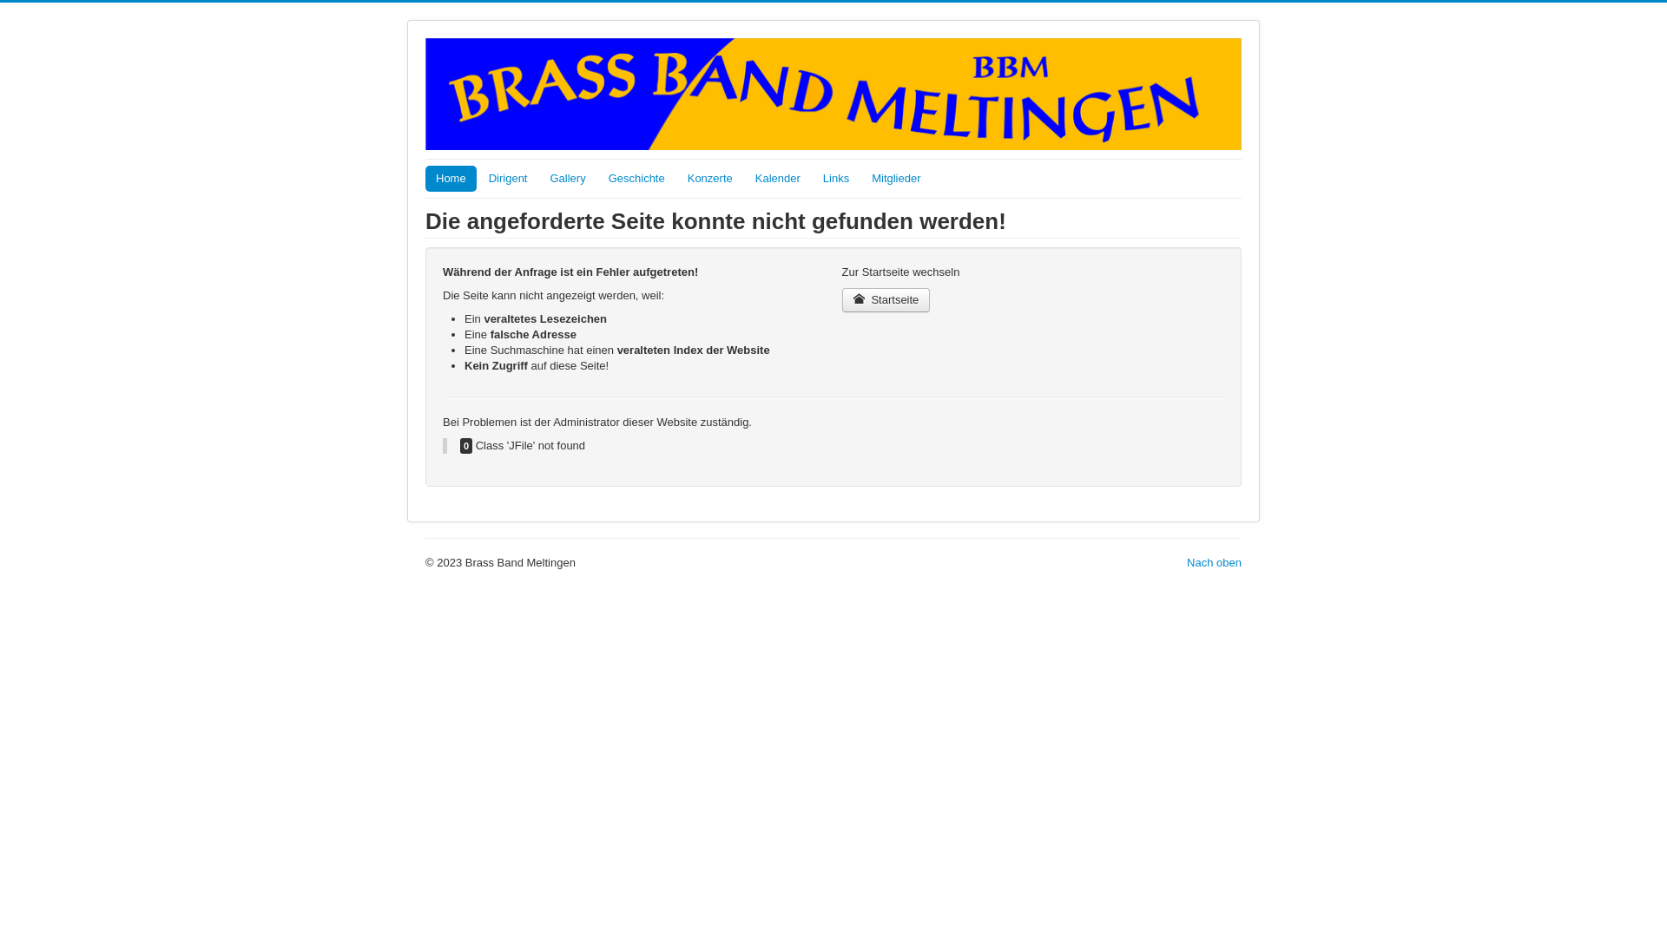 Image resolution: width=1667 pixels, height=937 pixels. I want to click on 'Nach oben', so click(1213, 562).